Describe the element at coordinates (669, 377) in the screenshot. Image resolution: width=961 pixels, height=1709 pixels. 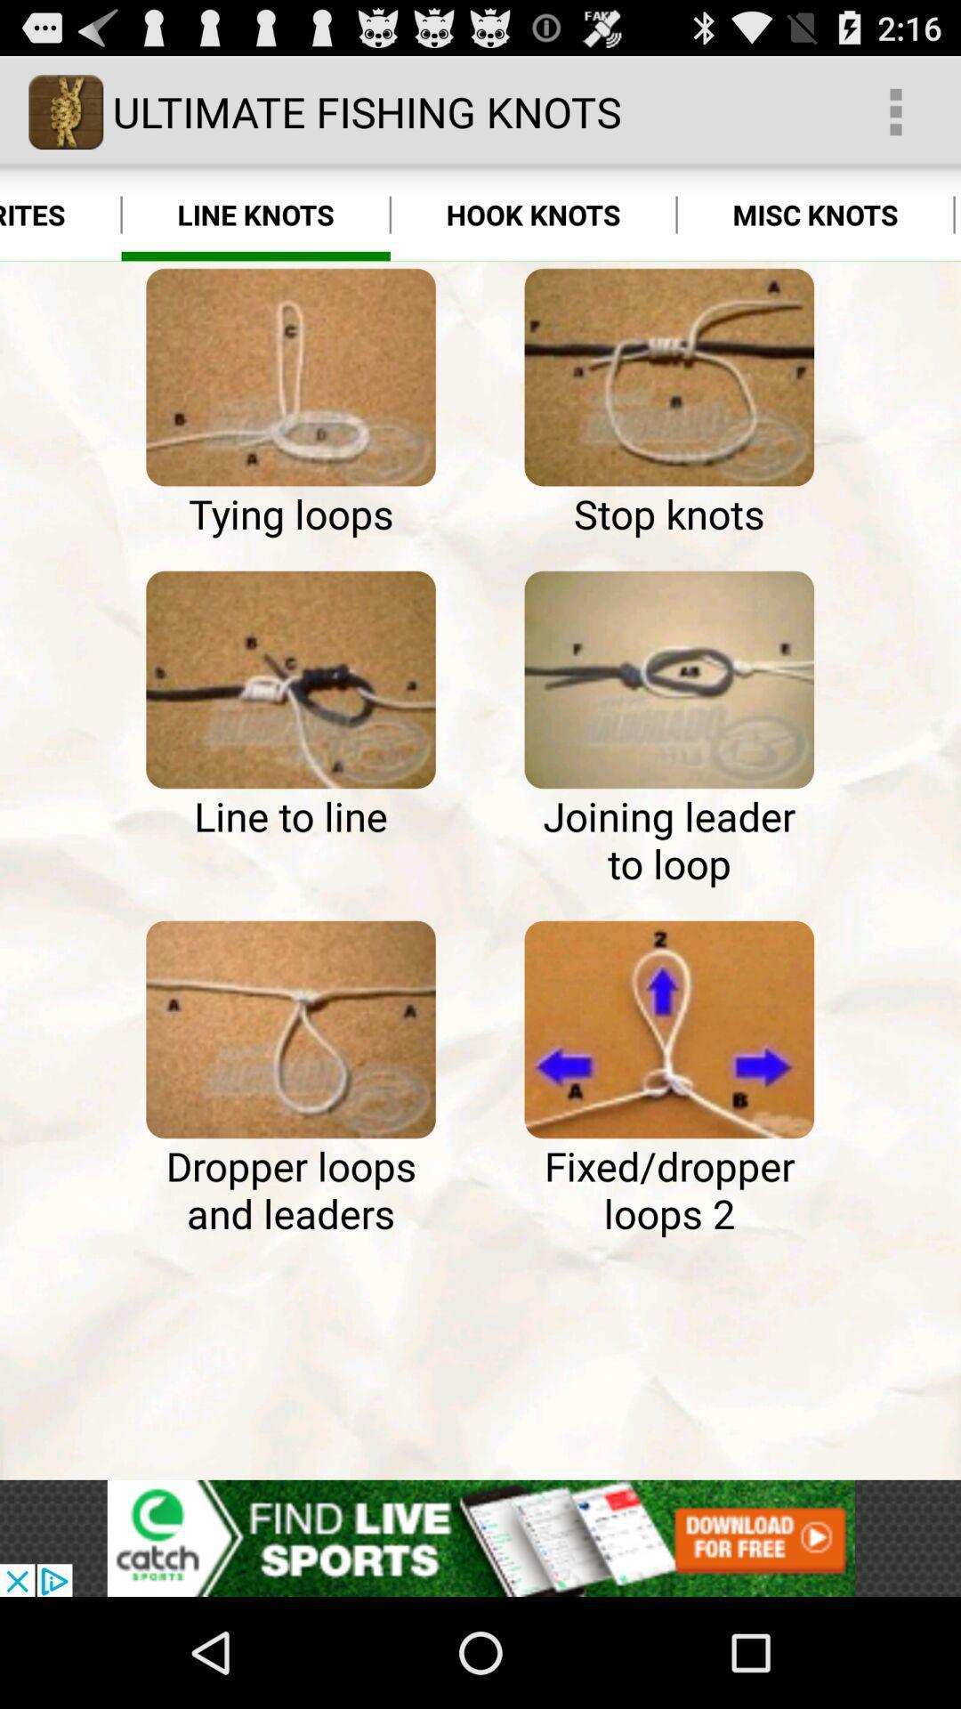
I see `select` at that location.